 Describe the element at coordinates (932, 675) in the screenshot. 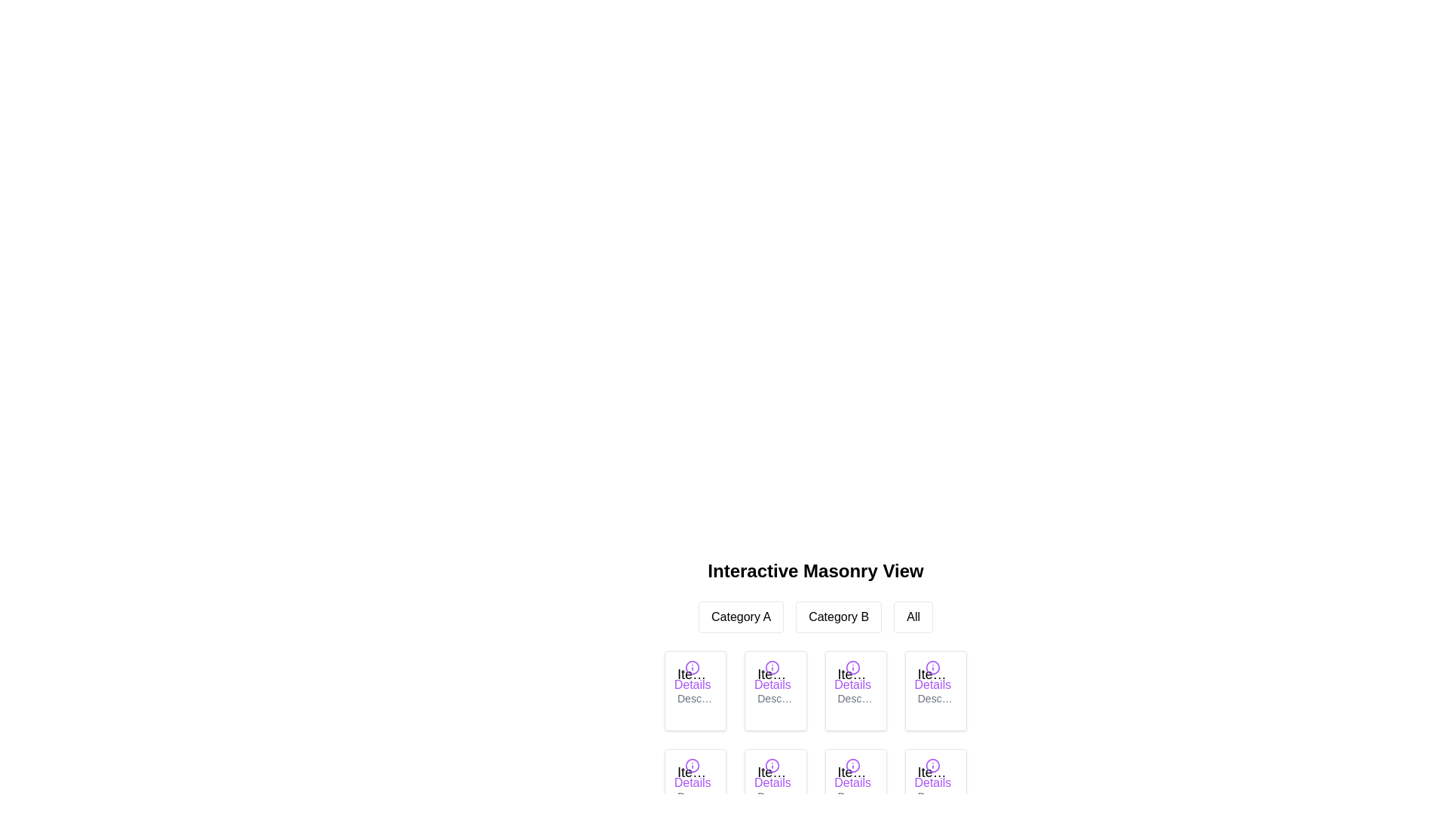

I see `the hyperlink located in the top-right corner of the card below the title 'Item 4'` at that location.